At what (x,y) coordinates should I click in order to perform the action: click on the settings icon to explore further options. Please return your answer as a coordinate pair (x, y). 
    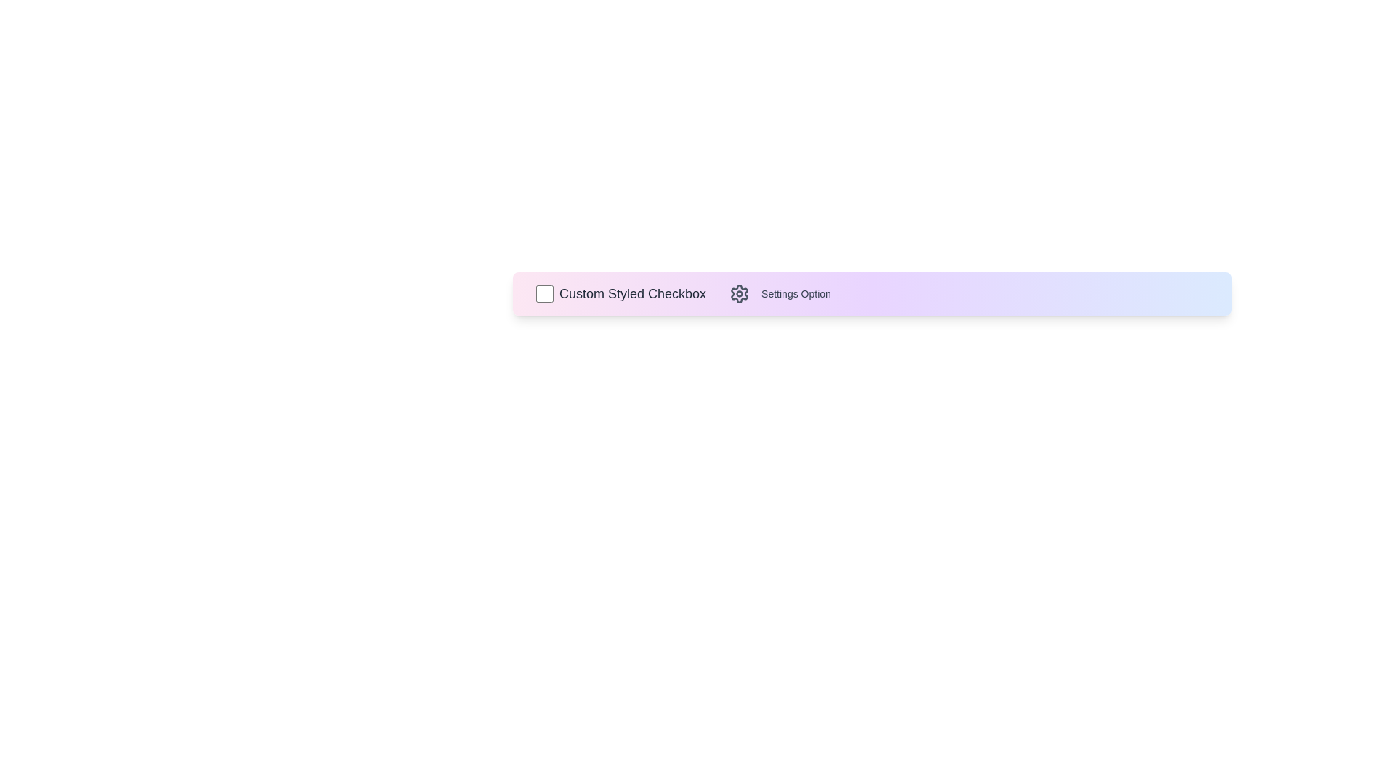
    Looking at the image, I should click on (739, 294).